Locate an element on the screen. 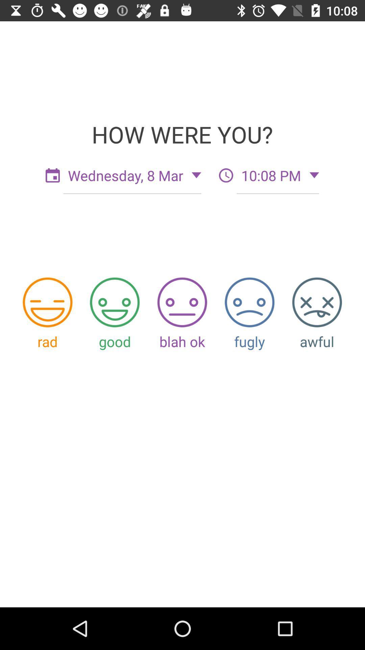  awful is located at coordinates (317, 302).